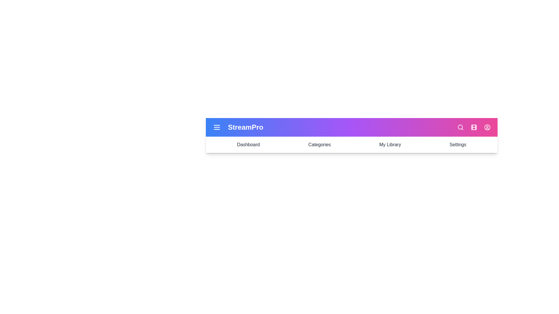 This screenshot has width=559, height=314. I want to click on the user profile icon to interact with it, so click(487, 127).